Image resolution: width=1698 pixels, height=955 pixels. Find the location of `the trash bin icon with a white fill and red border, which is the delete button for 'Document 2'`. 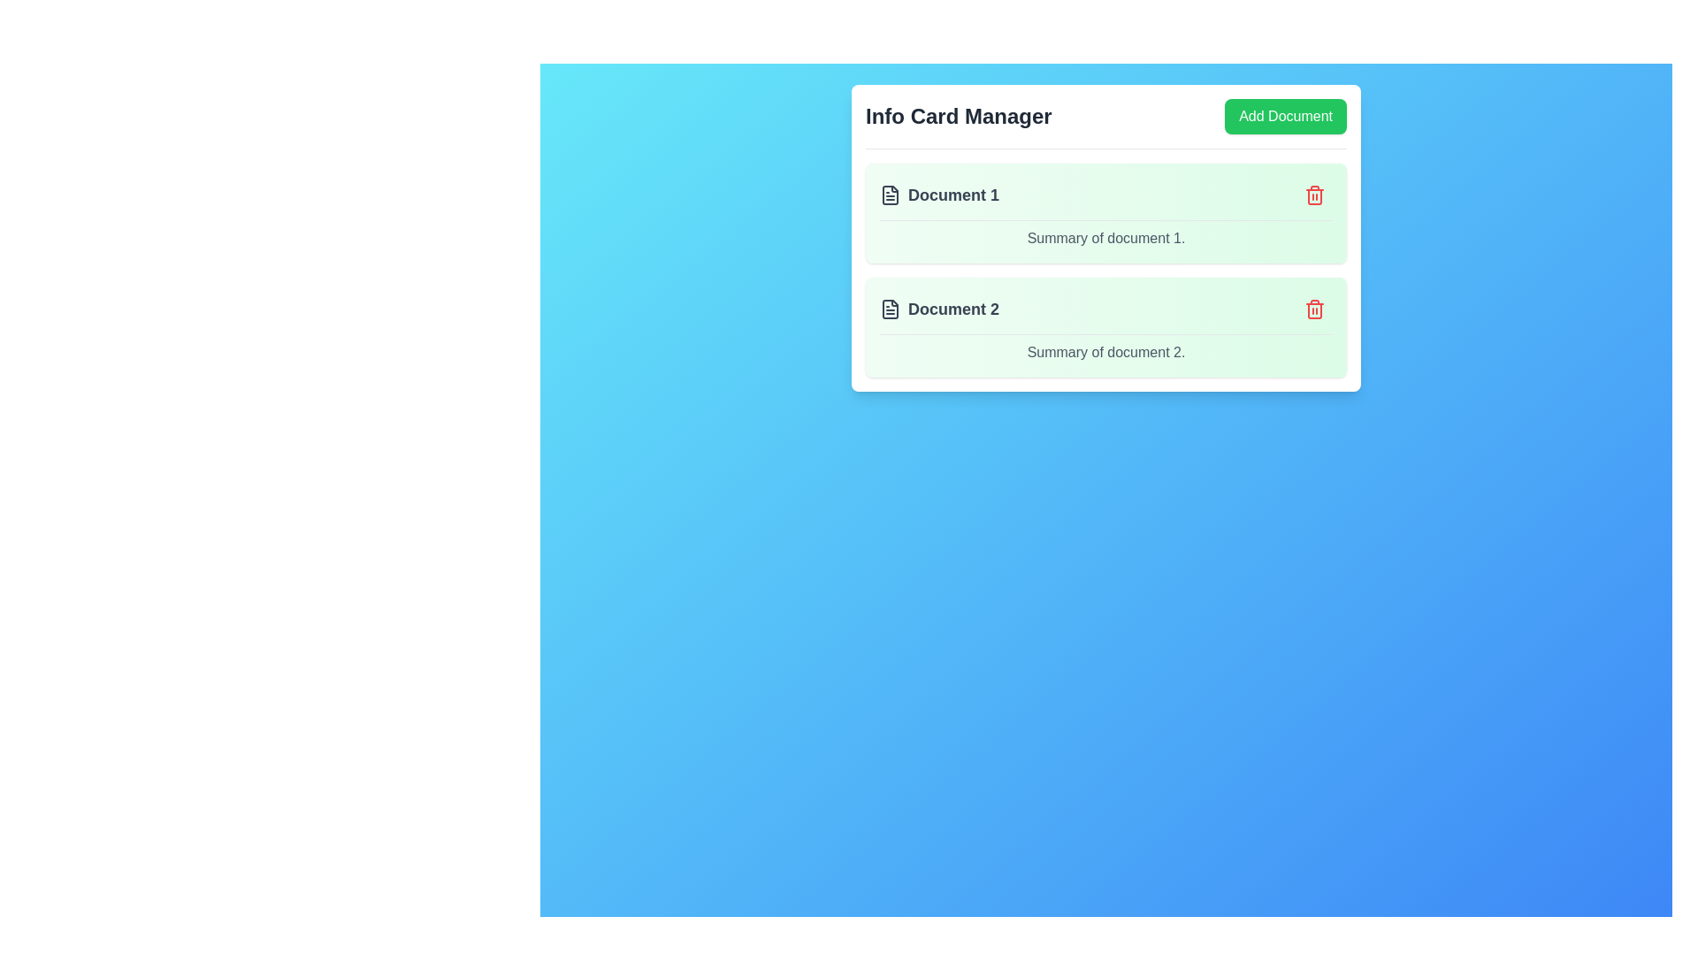

the trash bin icon with a white fill and red border, which is the delete button for 'Document 2' is located at coordinates (1315, 309).